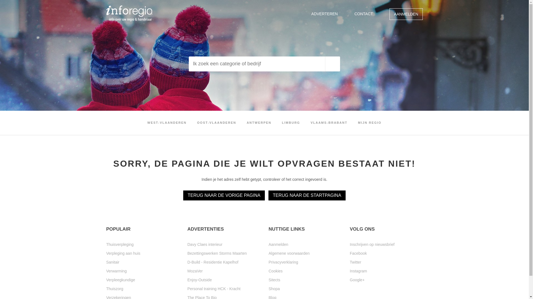 The image size is (533, 299). What do you see at coordinates (269, 280) in the screenshot?
I see `'Sitects'` at bounding box center [269, 280].